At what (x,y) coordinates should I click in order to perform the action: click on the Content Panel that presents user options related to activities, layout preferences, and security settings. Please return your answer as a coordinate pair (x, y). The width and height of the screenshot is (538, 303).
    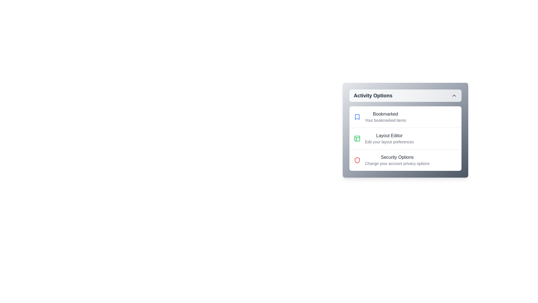
    Looking at the image, I should click on (405, 146).